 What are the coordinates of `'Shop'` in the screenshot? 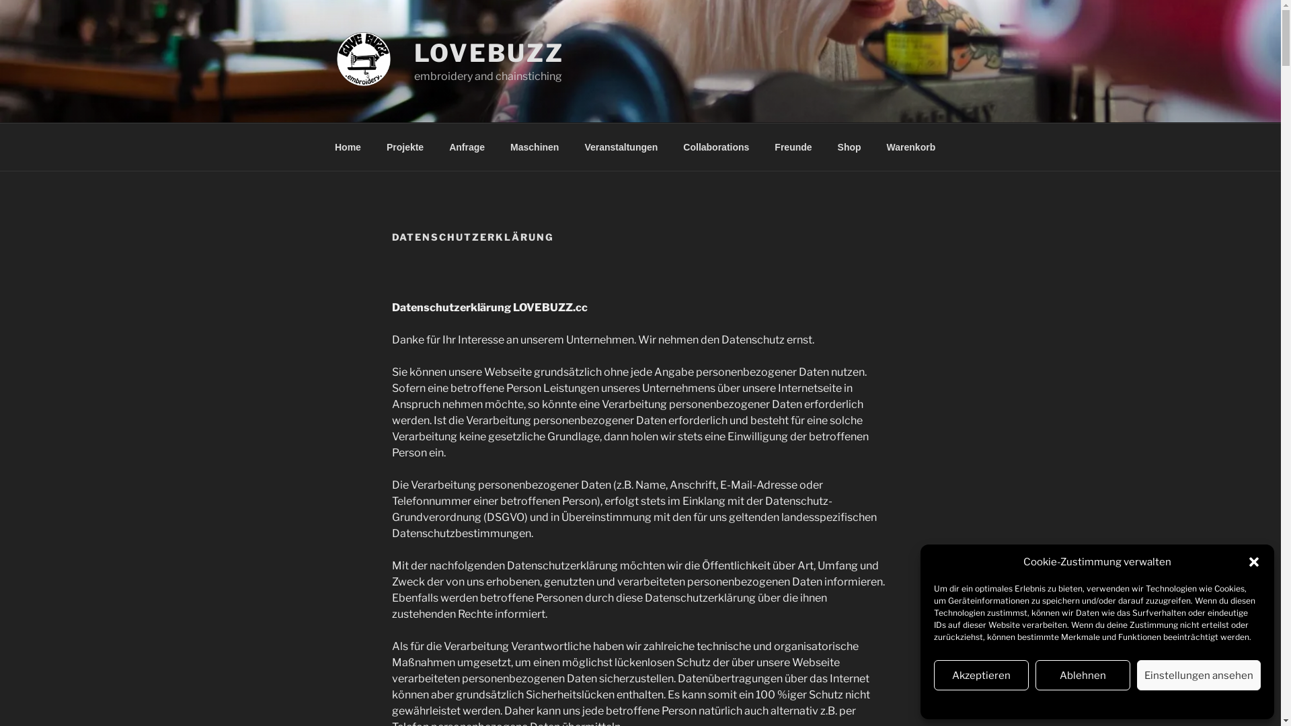 It's located at (848, 147).